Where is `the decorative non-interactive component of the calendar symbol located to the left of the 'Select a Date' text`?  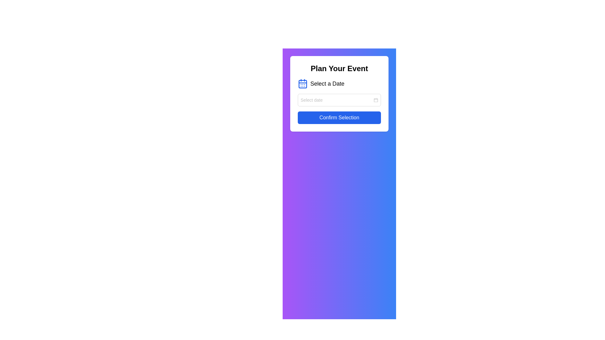
the decorative non-interactive component of the calendar symbol located to the left of the 'Select a Date' text is located at coordinates (302, 83).